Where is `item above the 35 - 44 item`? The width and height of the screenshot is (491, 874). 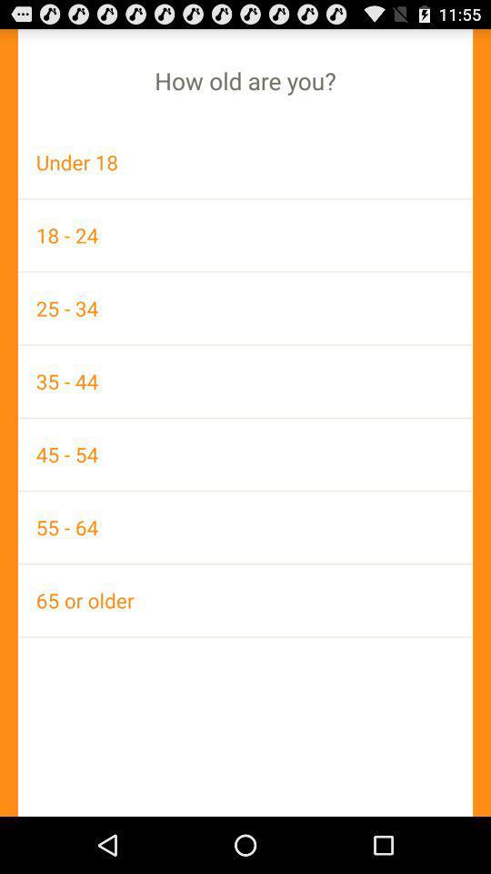
item above the 35 - 44 item is located at coordinates (245, 308).